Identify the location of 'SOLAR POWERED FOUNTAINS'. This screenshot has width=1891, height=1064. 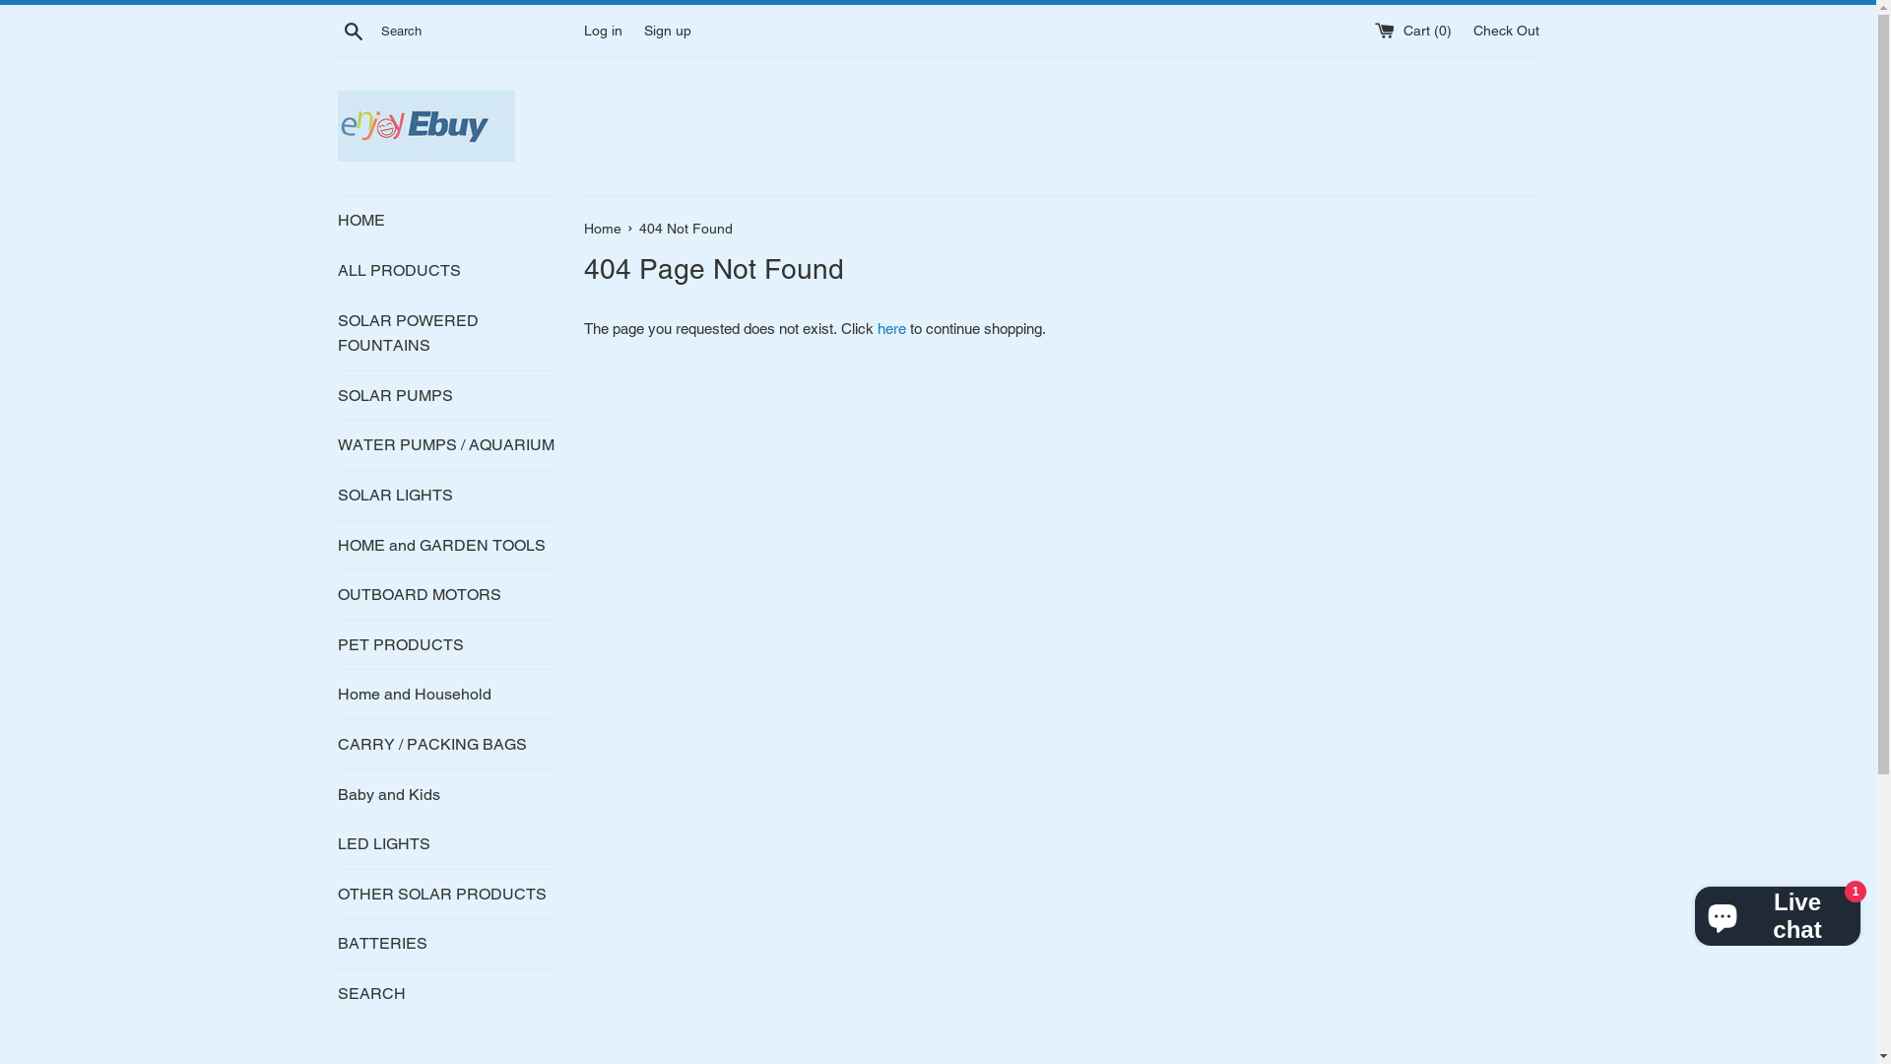
(443, 332).